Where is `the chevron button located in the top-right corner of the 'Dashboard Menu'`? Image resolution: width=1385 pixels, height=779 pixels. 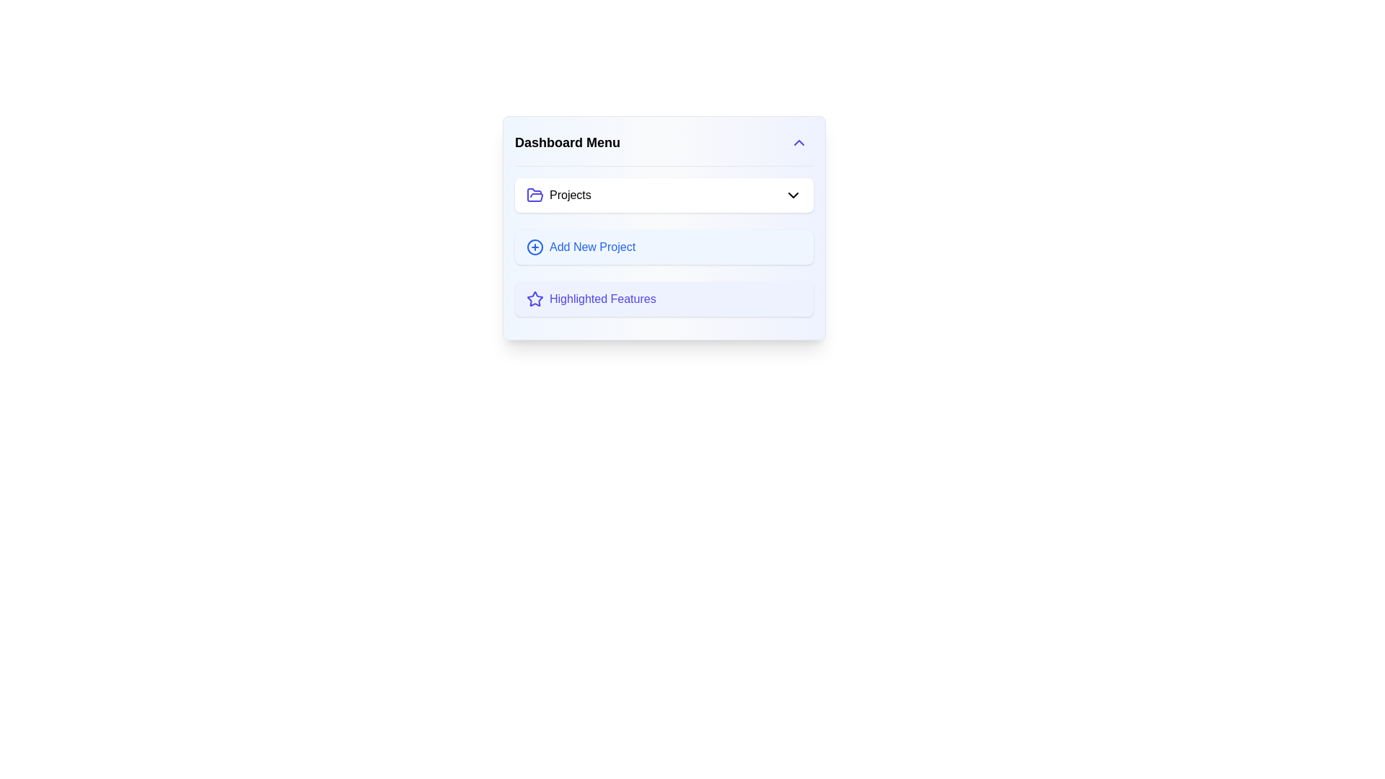
the chevron button located in the top-right corner of the 'Dashboard Menu' is located at coordinates (799, 142).